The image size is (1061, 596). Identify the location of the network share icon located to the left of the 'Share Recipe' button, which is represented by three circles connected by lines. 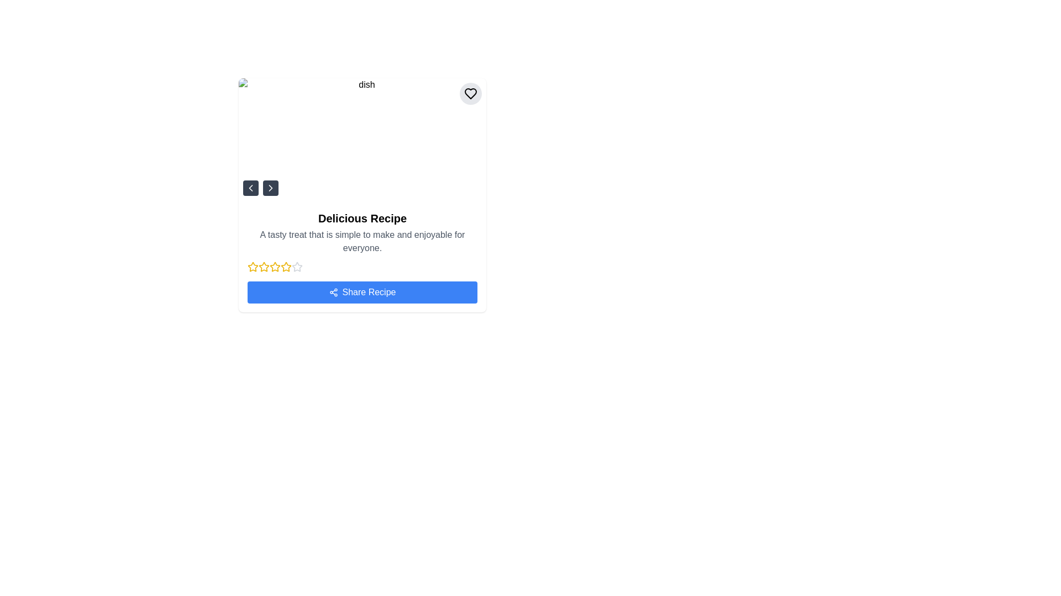
(333, 291).